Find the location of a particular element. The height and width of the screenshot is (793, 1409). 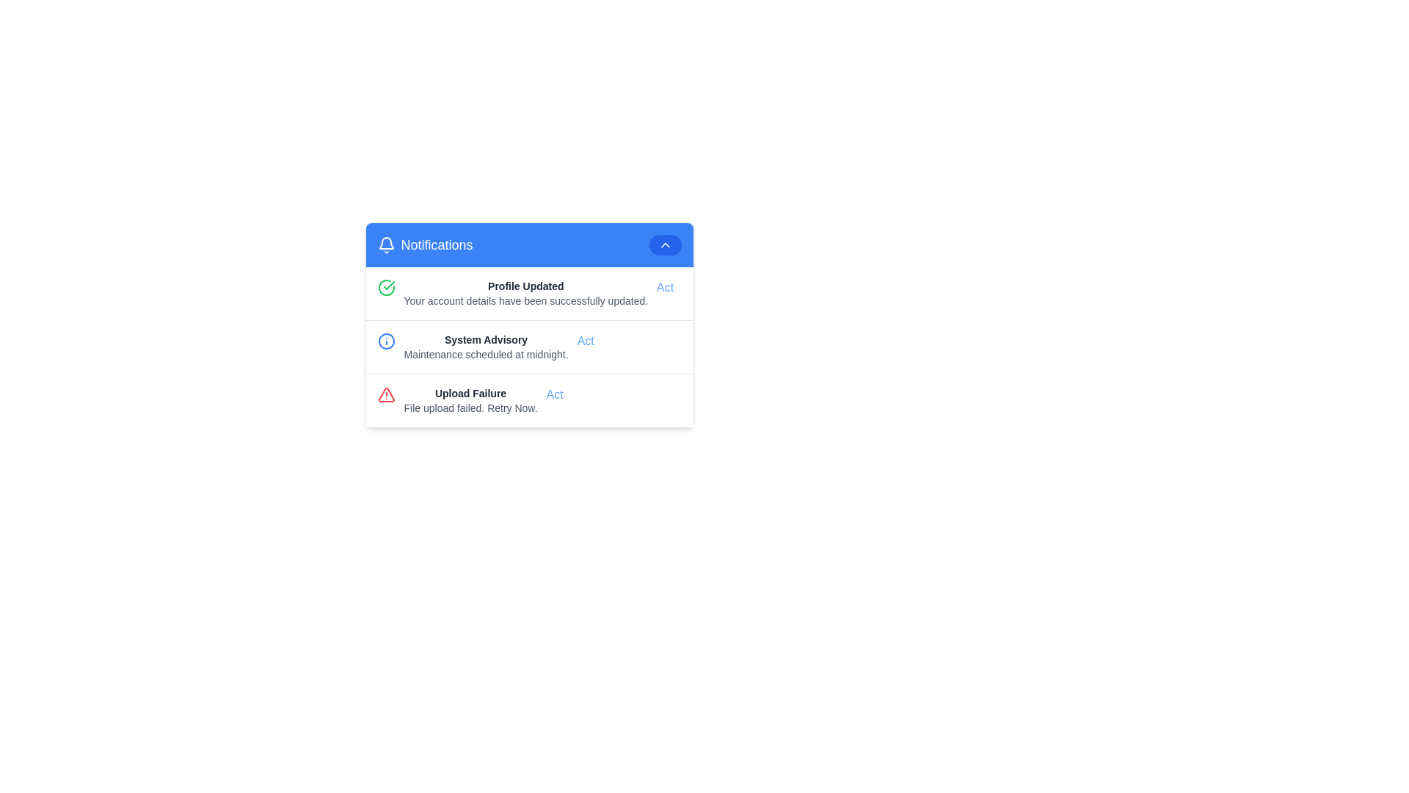

the blue informational icon in the 'System Advisory' notification row, which is the leftmost icon next to the text 'System Advisory' is located at coordinates (386, 341).